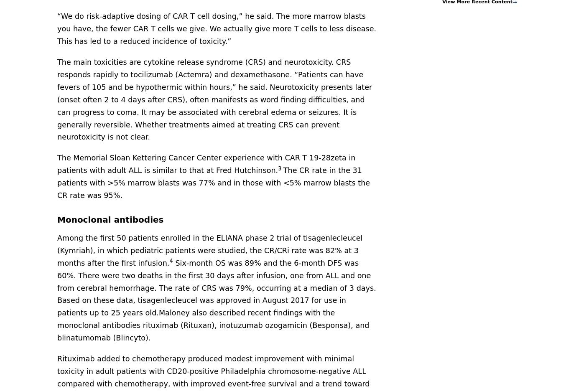 The image size is (571, 391). Describe the element at coordinates (57, 28) in the screenshot. I see `'“We do risk-adaptive dosing of CAR T cell dosing,” he said. The more marrow blasts you have, the fewer CAR T cells we give. We actually give more T cells to less disease. This has led to a reduced incidence of toxicity.”'` at that location.